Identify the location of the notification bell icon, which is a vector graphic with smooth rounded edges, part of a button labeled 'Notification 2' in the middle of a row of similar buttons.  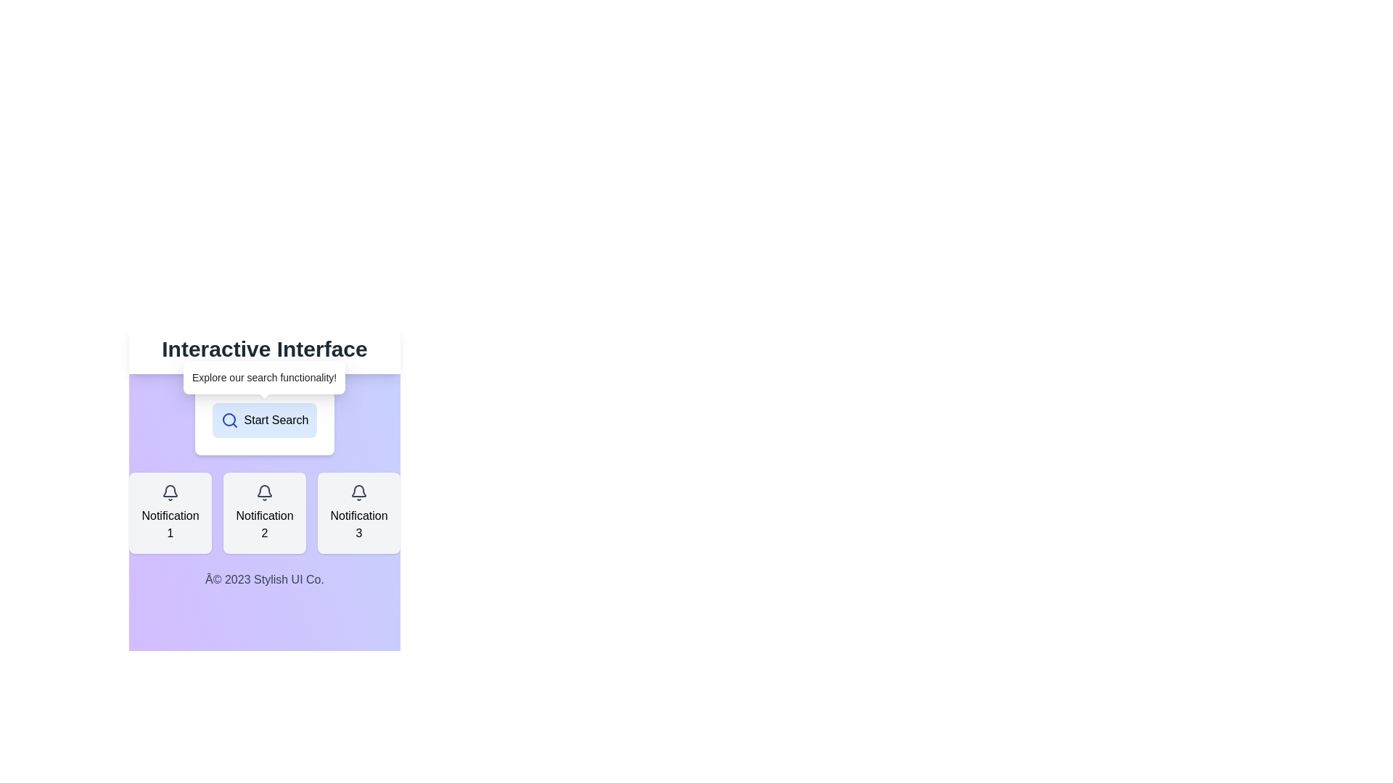
(170, 490).